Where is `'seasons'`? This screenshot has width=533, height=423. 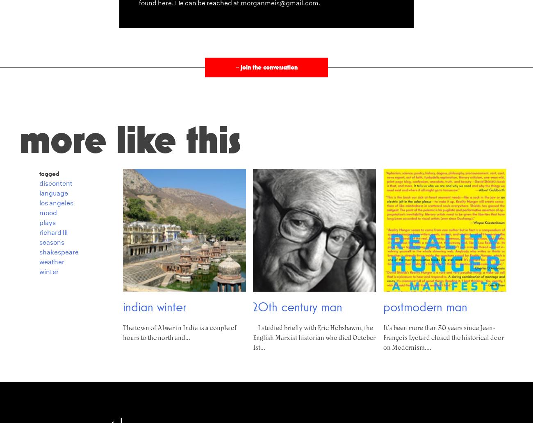 'seasons' is located at coordinates (51, 242).